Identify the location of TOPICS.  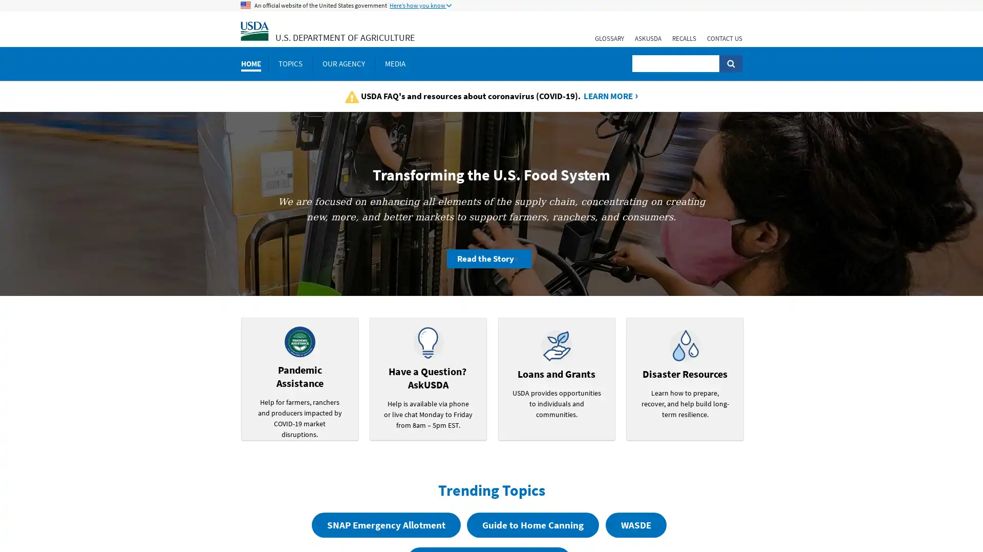
(290, 63).